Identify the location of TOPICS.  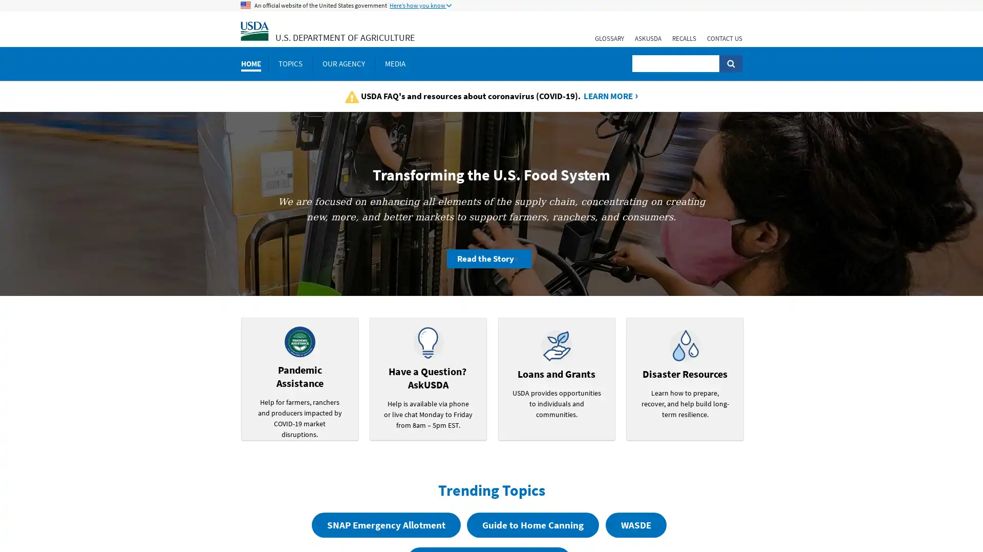
(290, 63).